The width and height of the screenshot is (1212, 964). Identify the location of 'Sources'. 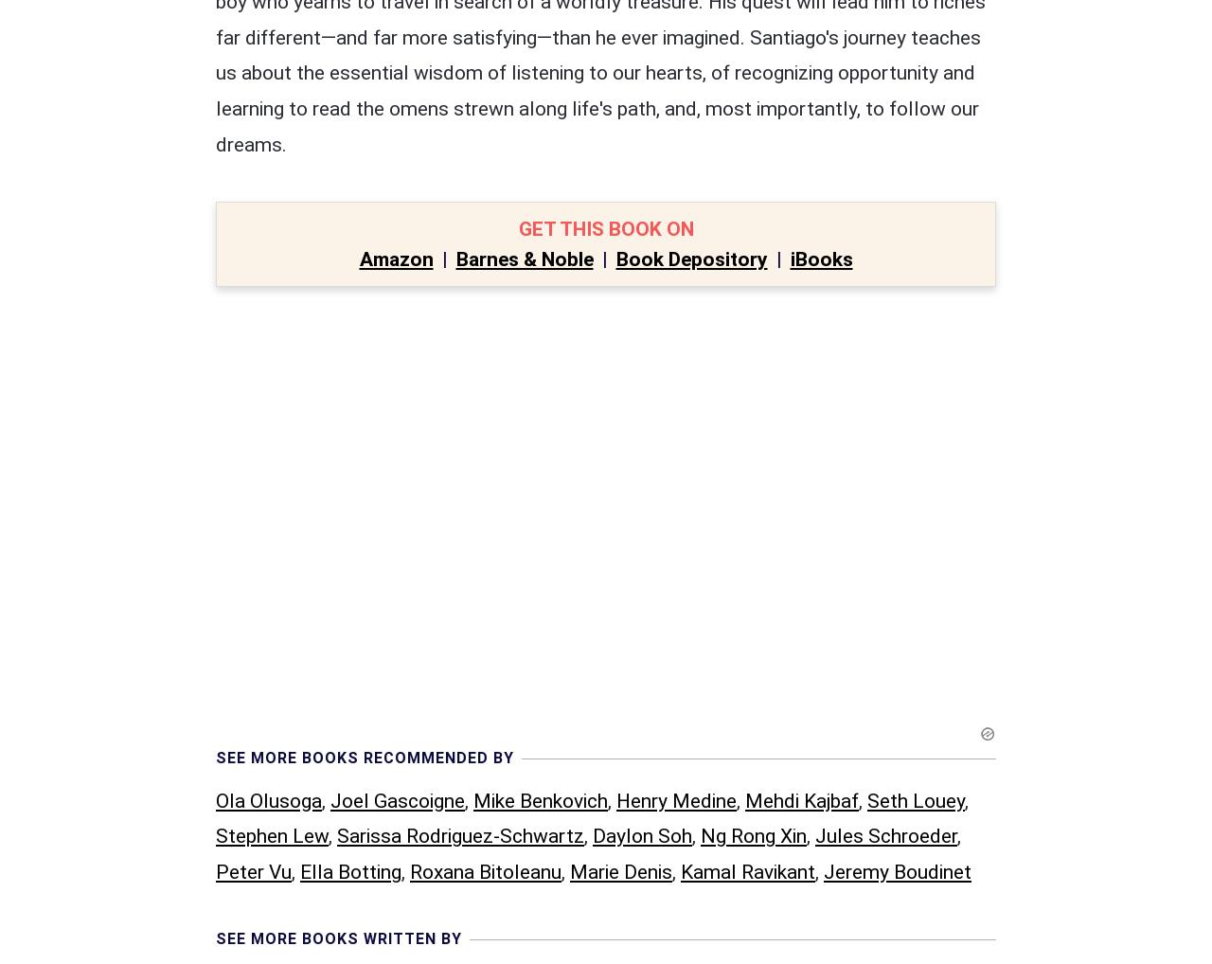
(254, 654).